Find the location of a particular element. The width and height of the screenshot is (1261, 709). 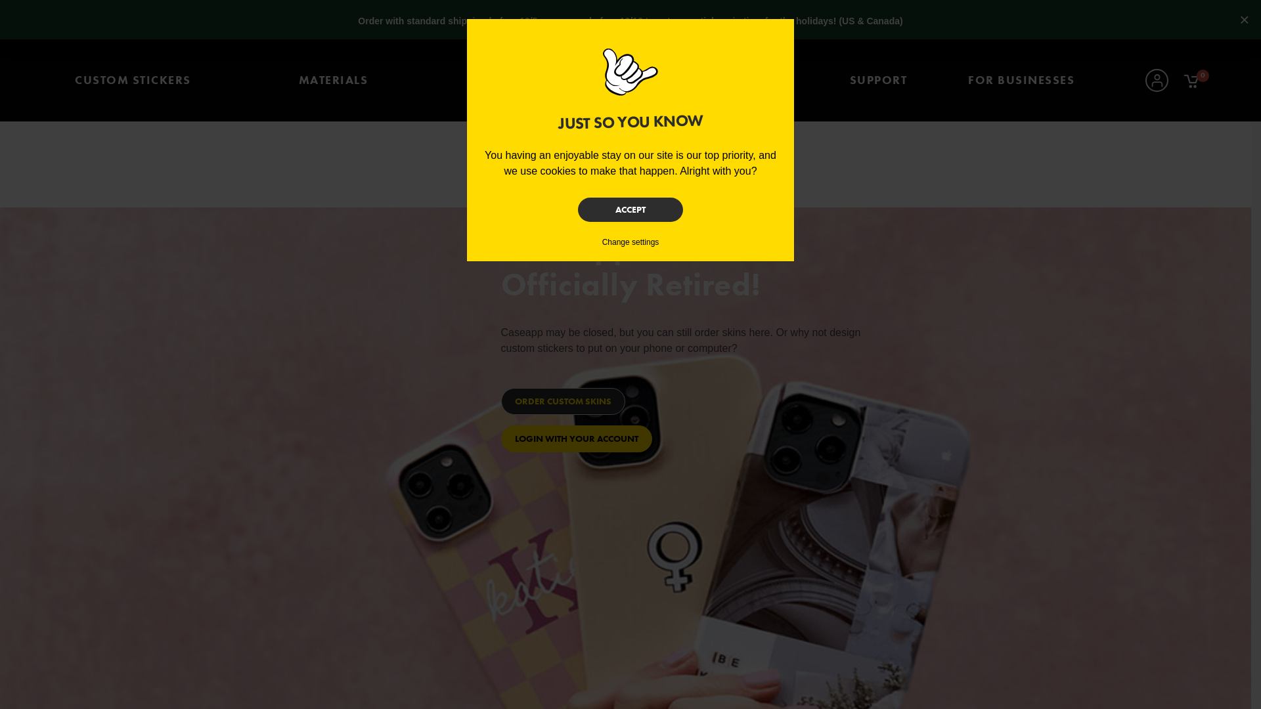

'ORDER CUSTOM SKINS' is located at coordinates (500, 400).